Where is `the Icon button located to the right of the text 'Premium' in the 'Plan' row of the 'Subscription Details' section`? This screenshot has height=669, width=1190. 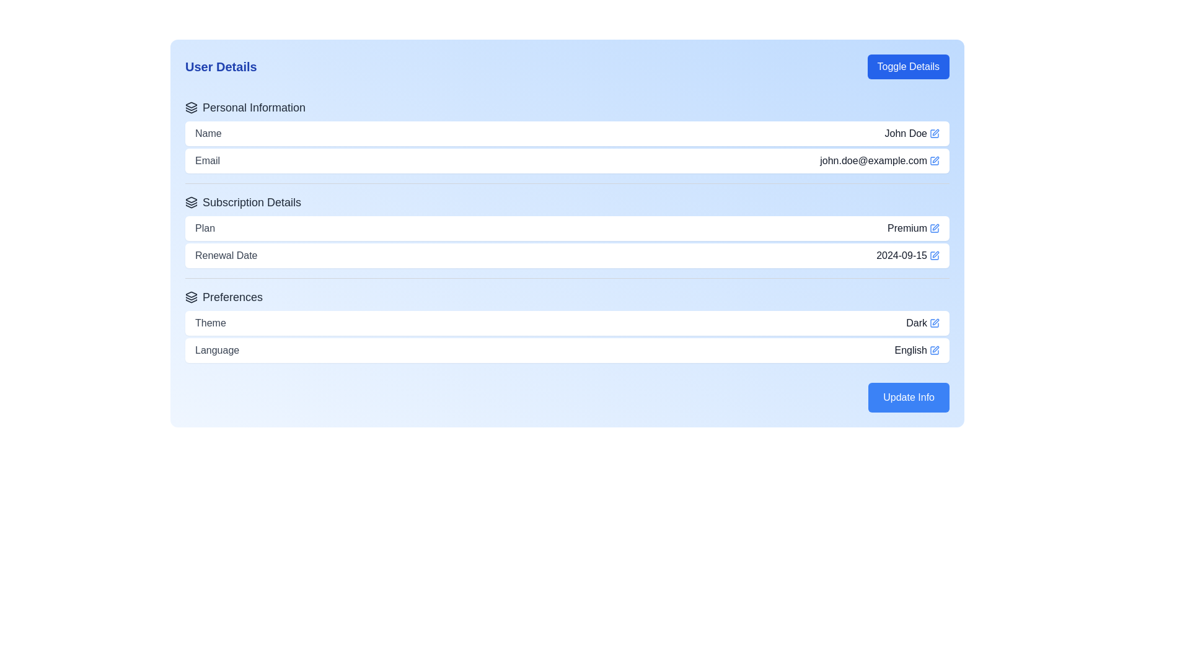
the Icon button located to the right of the text 'Premium' in the 'Plan' row of the 'Subscription Details' section is located at coordinates (934, 229).